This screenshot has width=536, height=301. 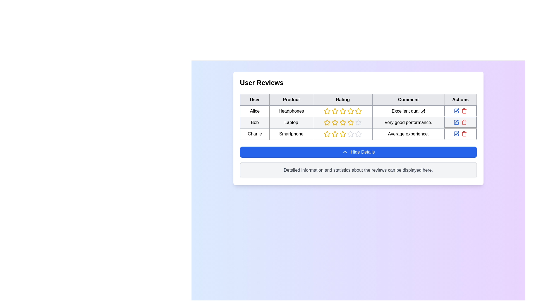 I want to click on the third star icon for rating associated with user 'Charlie' and the product 'Smartphone' to modify the rating, so click(x=358, y=134).